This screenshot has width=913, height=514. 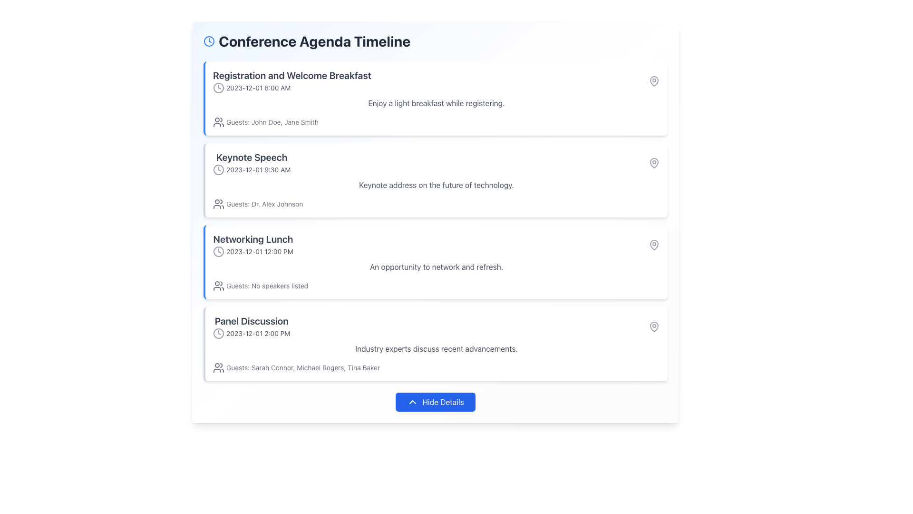 What do you see at coordinates (436, 185) in the screenshot?
I see `the text element displaying 'Keynote address on the future of technology.' which is the second description in the 'Keynote Speech' card of the 'Conference Agenda Timeline'` at bounding box center [436, 185].